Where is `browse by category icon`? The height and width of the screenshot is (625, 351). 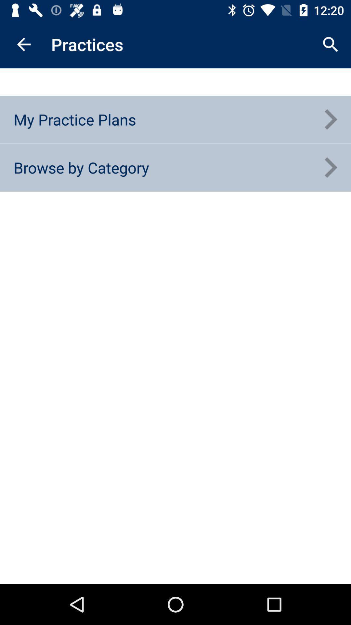
browse by category icon is located at coordinates (81, 167).